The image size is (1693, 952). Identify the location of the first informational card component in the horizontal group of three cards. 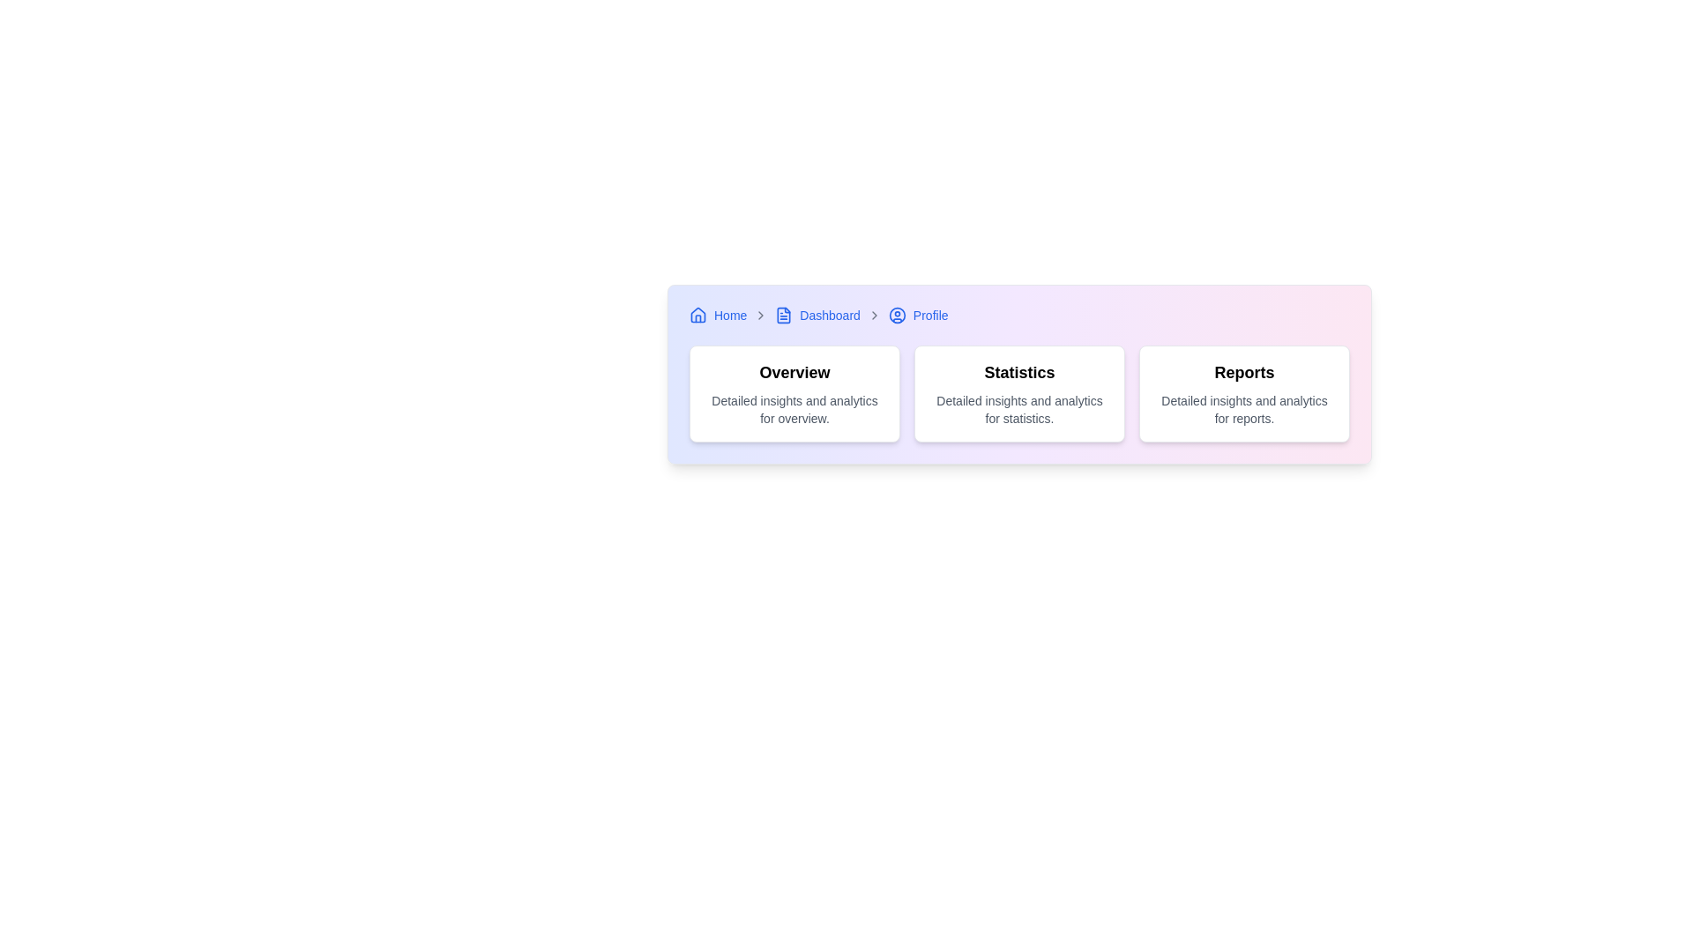
(794, 393).